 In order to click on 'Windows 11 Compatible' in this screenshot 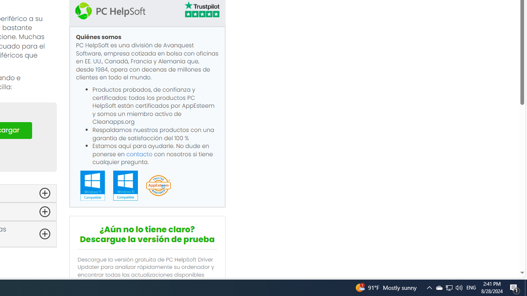, I will do `click(92, 185)`.